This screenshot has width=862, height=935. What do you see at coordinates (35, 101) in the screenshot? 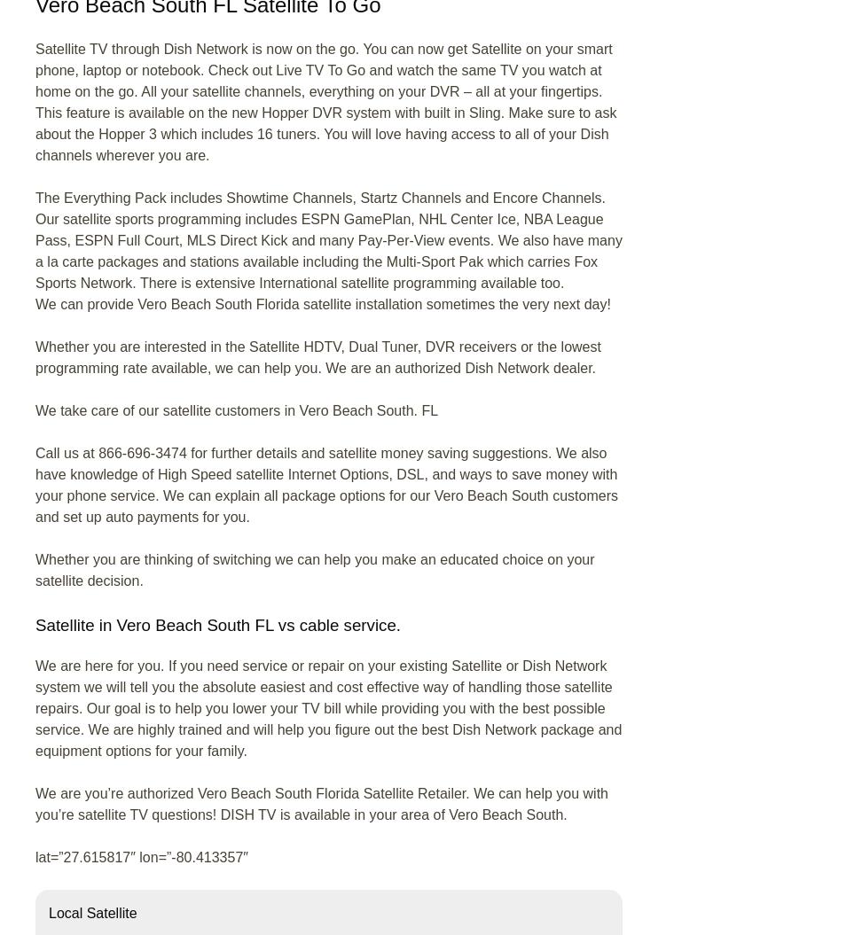
I see `'Satellite TV through Dish Network is now on the go. You can now get Satellite on your smart phone, laptop or notebook. Check out Live TV To Go and watch the same TV you watch at home on the go. All your satellite channels, everything on your DVR – all at your fingertips. This feature is available on the new Hopper DVR system with built in Sling. Make sure to ask about the Hopper 3 which includes 16 tuners. You will love having access to all of your Dish channels wherever you are.'` at bounding box center [35, 101].